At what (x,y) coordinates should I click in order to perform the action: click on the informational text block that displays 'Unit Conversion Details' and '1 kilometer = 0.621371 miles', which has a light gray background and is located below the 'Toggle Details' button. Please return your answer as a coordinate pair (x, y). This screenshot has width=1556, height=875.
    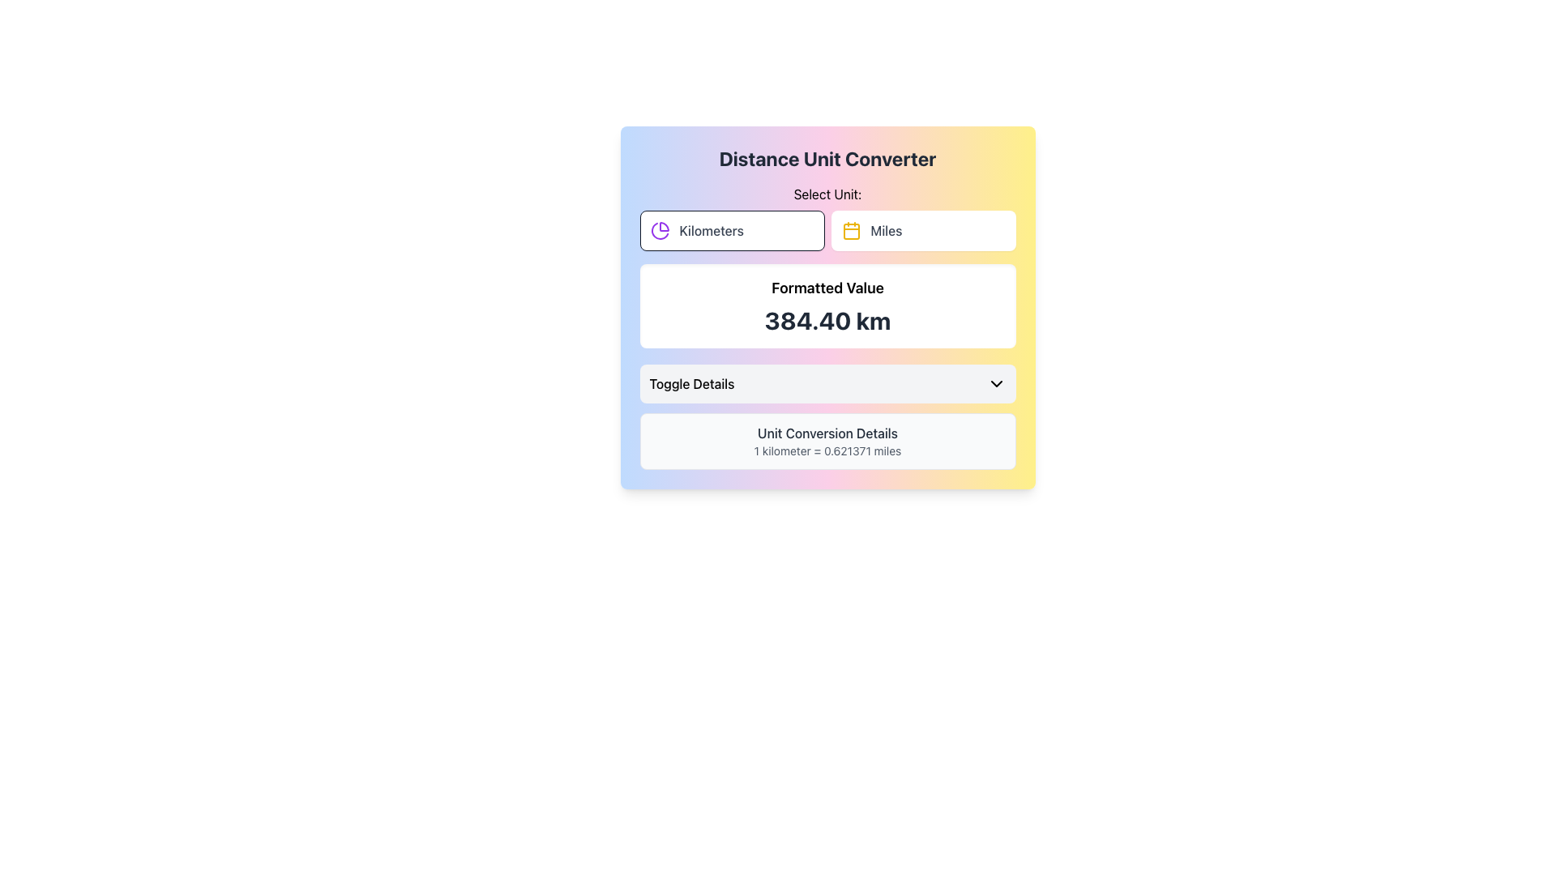
    Looking at the image, I should click on (827, 441).